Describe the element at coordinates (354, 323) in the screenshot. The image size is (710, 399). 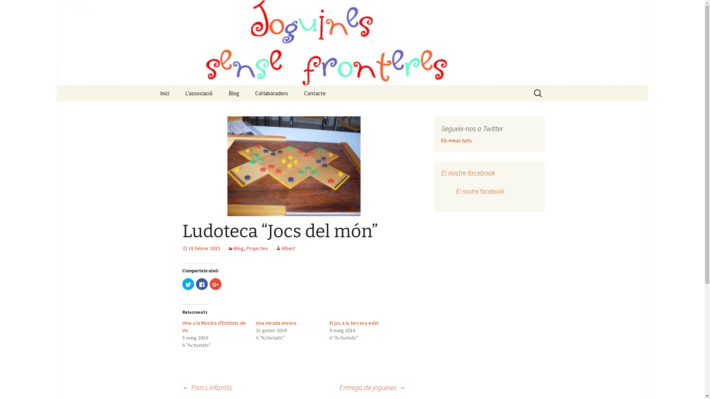
I see `'El joc a la tercera edat'` at that location.